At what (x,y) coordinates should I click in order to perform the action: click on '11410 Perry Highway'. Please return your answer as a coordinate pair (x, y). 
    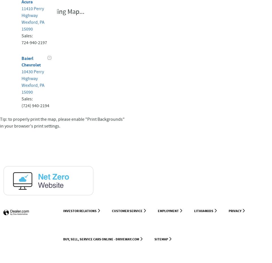
    Looking at the image, I should click on (33, 12).